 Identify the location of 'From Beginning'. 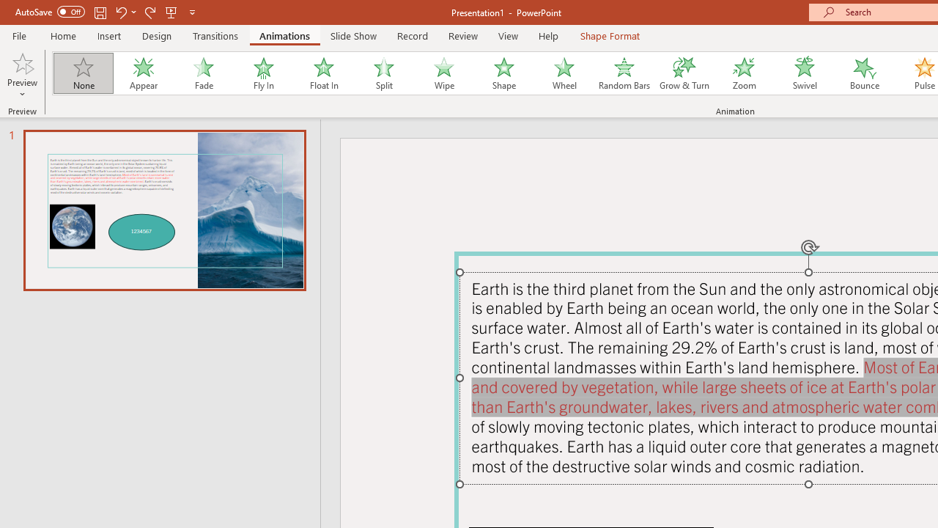
(171, 12).